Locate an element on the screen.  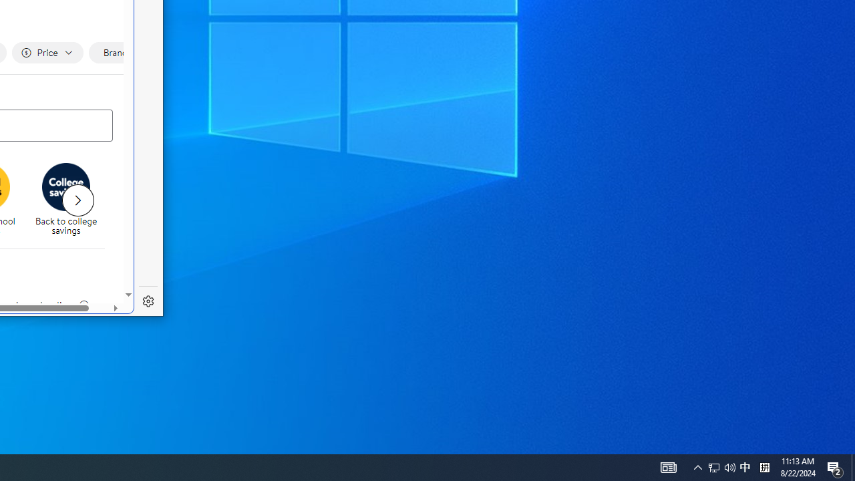
'Back to college savings' is located at coordinates (70, 200).